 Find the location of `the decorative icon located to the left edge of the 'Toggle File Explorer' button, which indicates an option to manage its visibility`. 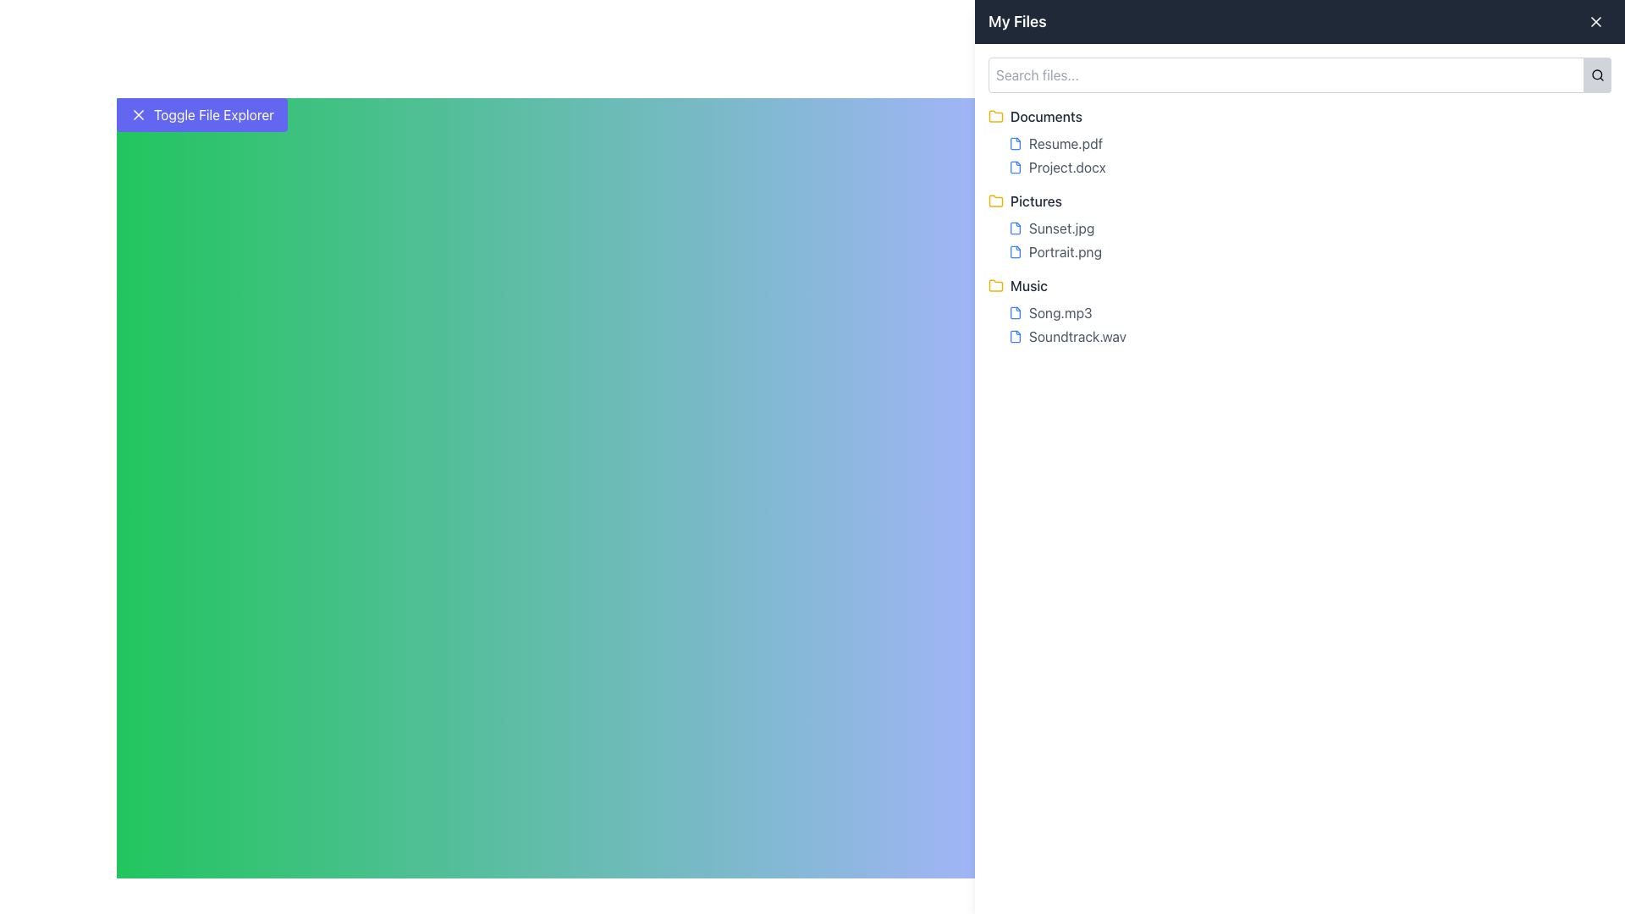

the decorative icon located to the left edge of the 'Toggle File Explorer' button, which indicates an option to manage its visibility is located at coordinates (138, 114).